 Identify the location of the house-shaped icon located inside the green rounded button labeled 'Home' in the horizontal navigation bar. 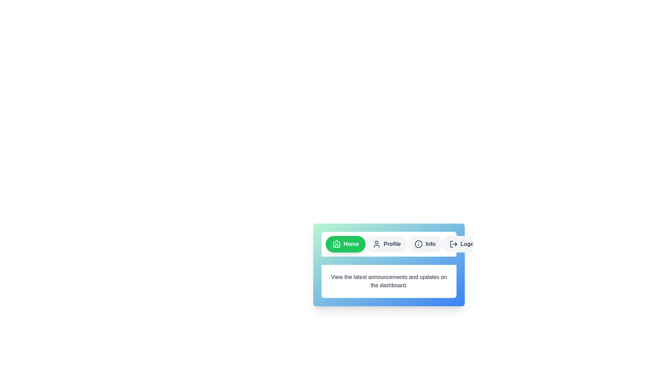
(337, 244).